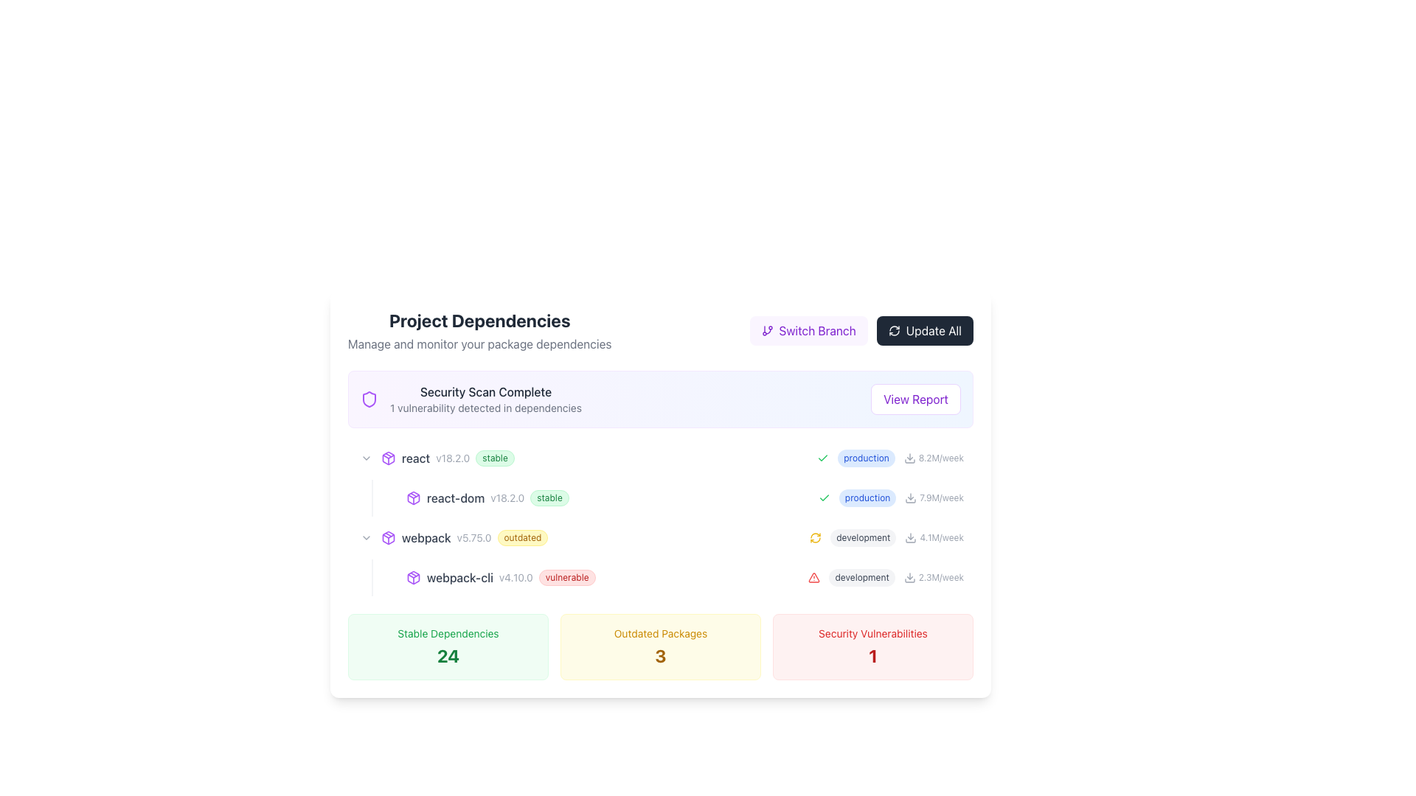 Image resolution: width=1416 pixels, height=796 pixels. Describe the element at coordinates (893, 329) in the screenshot. I see `the update action icon located to the left of the 'Update All' text label in the button at the upper right corner of the interface` at that location.